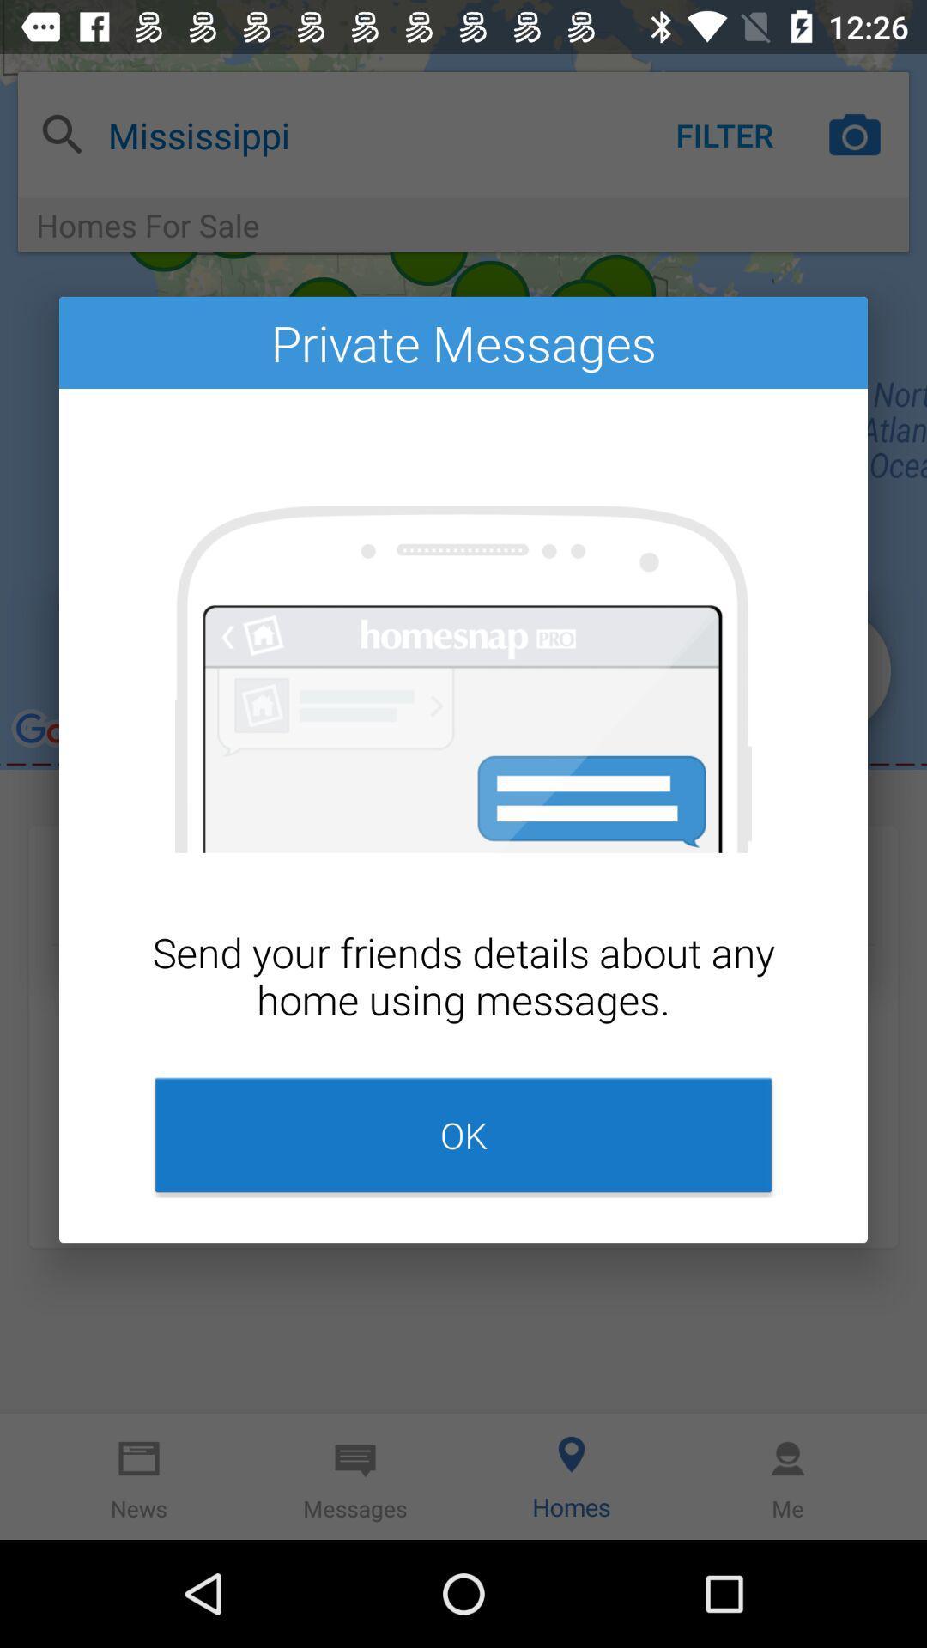 Image resolution: width=927 pixels, height=1648 pixels. I want to click on ok icon, so click(463, 1135).